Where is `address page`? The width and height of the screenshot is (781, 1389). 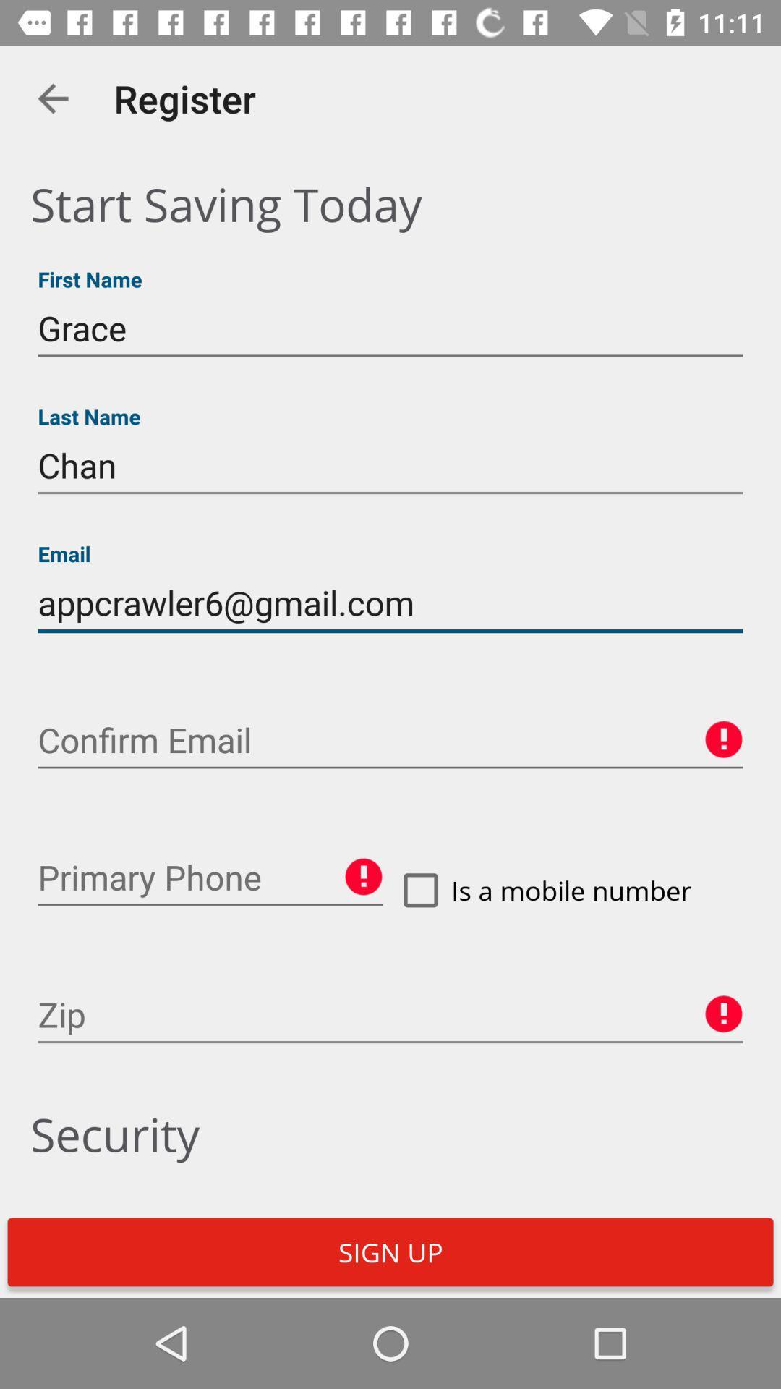 address page is located at coordinates (390, 1014).